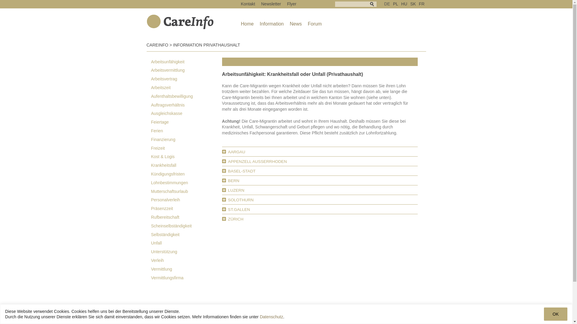  What do you see at coordinates (413, 4) in the screenshot?
I see `'SK'` at bounding box center [413, 4].